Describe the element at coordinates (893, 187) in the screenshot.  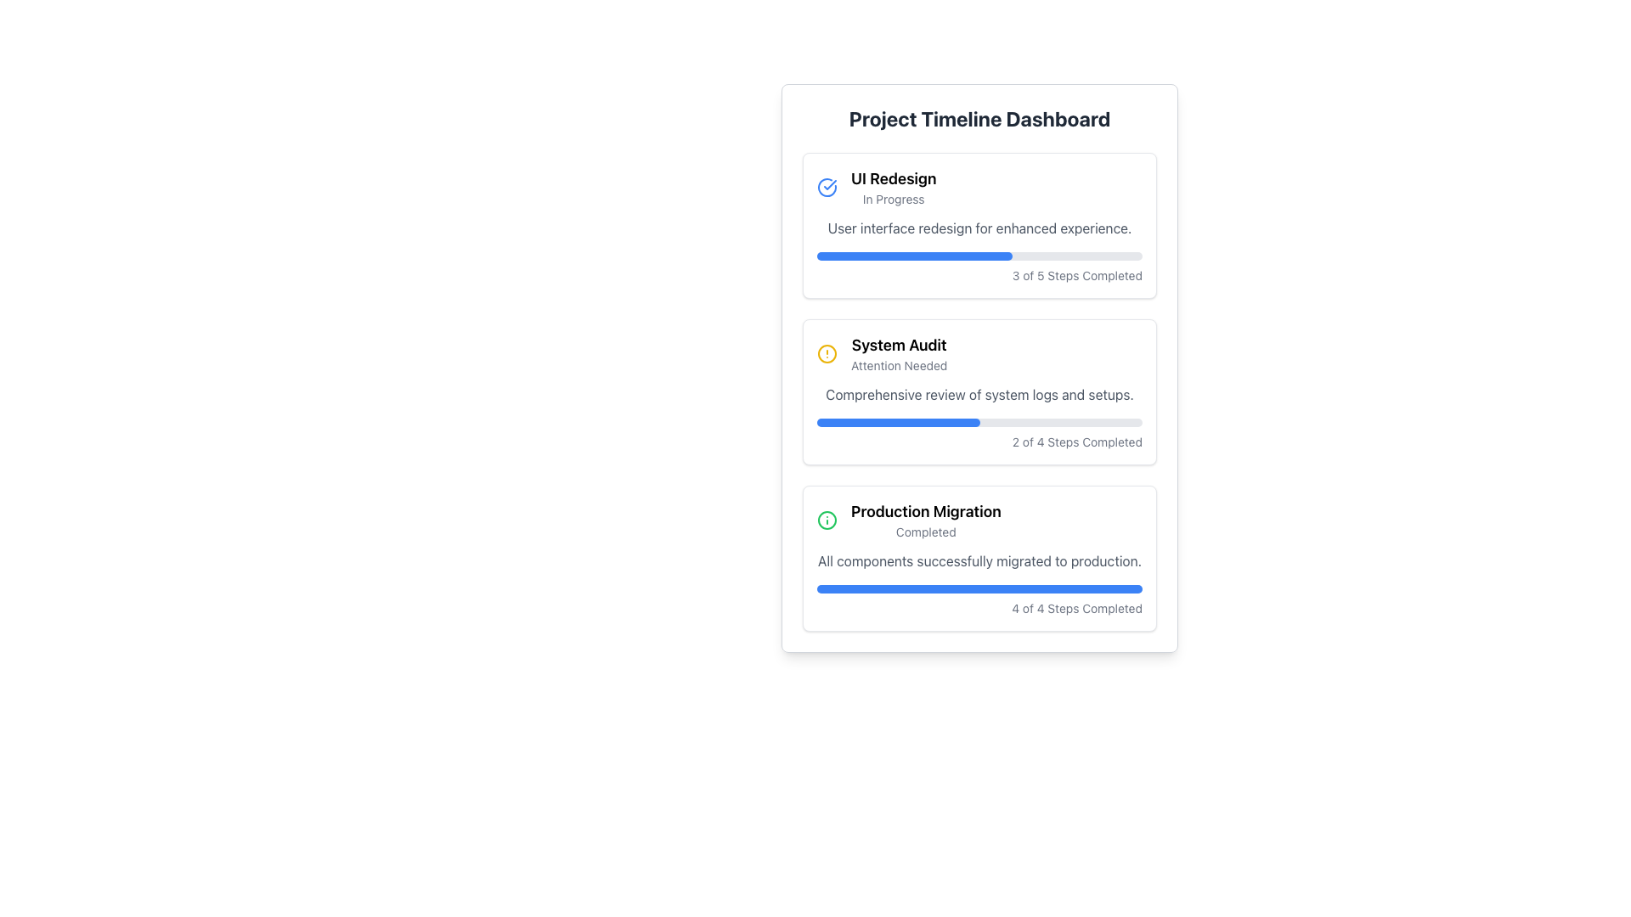
I see `status information displayed in the text block located near the top left corner of the first card on the dashboard, which provides insights into the progress of 'UI Redesign.'` at that location.